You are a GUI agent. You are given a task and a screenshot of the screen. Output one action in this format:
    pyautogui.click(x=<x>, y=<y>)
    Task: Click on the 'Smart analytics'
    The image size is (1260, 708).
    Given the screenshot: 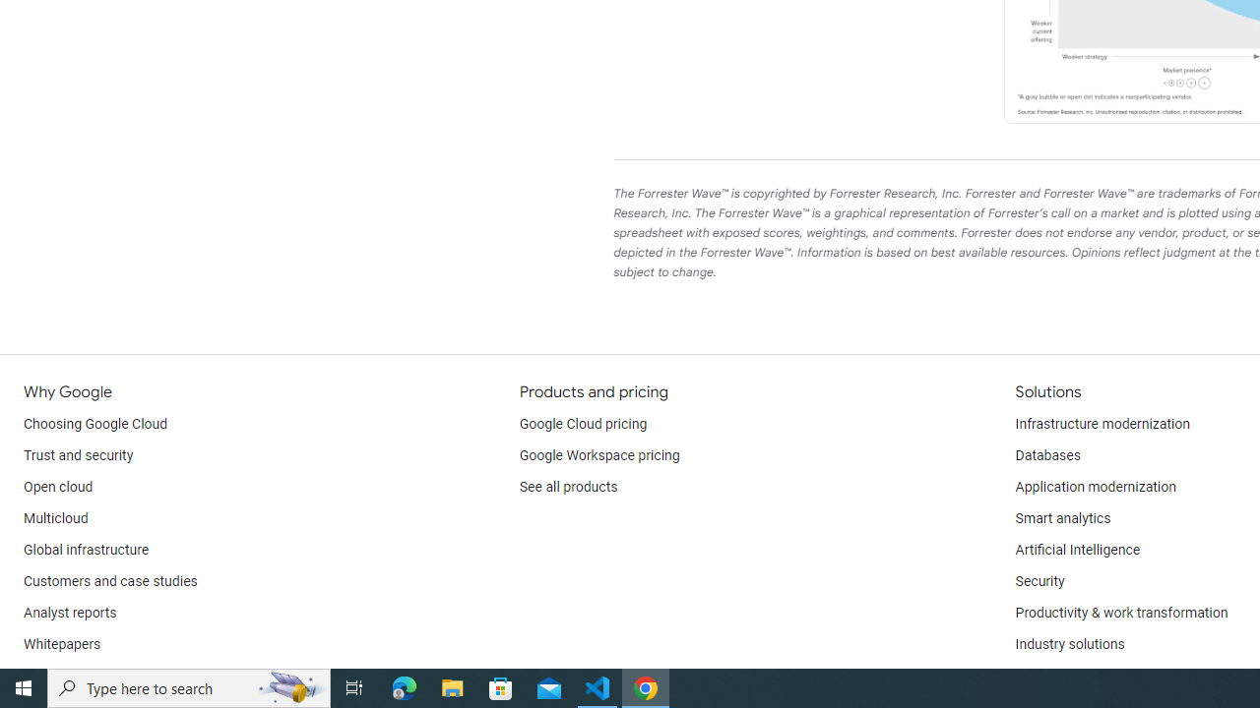 What is the action you would take?
    pyautogui.click(x=1061, y=518)
    